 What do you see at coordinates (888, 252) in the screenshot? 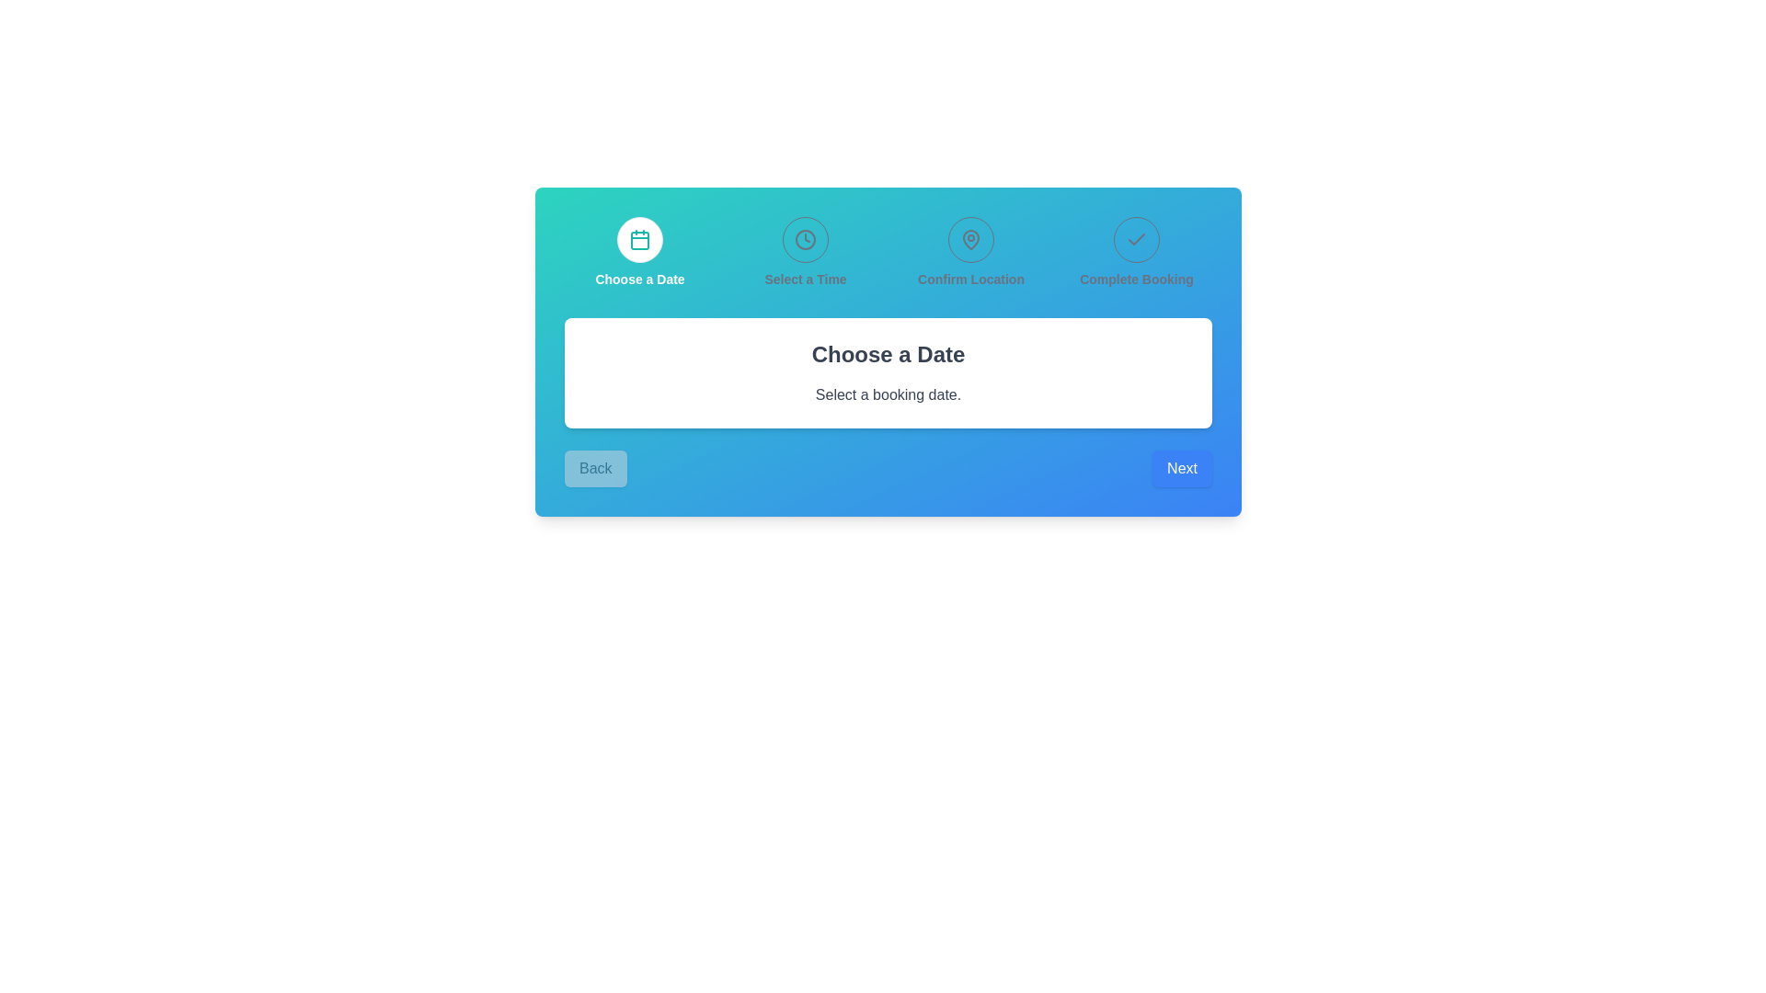
I see `the navigation bar with step indicators` at bounding box center [888, 252].